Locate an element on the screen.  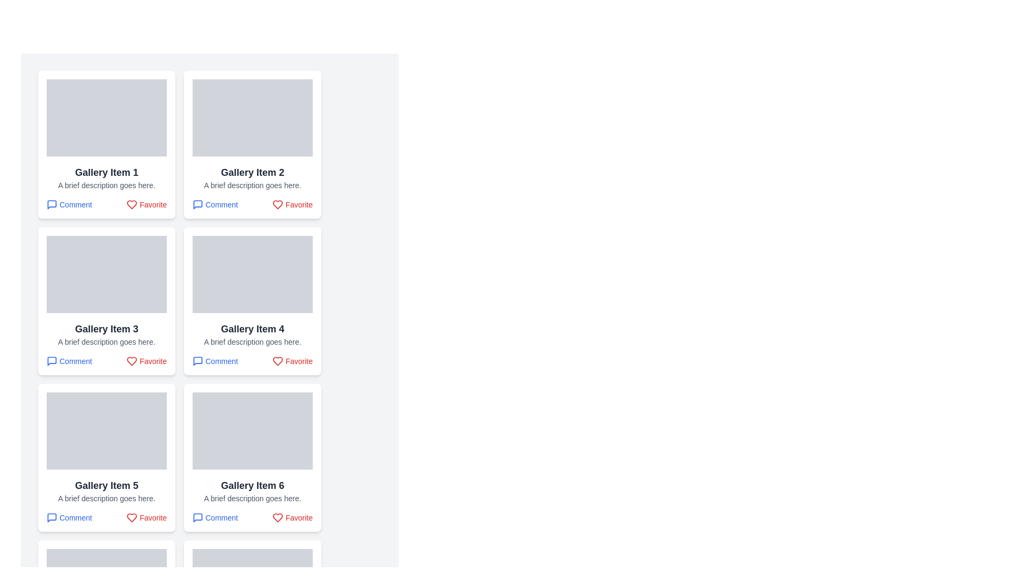
the 'Favorite' button, which is a heart icon located in the bottom right corner of the 'Gallery Item 6' card is located at coordinates (278, 517).